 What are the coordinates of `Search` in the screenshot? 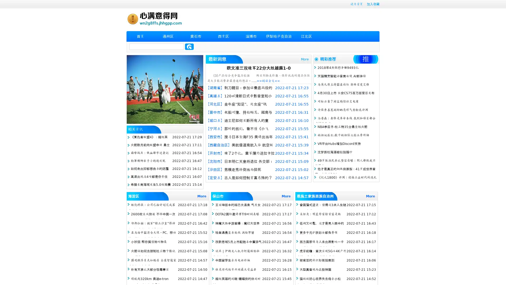 It's located at (189, 46).